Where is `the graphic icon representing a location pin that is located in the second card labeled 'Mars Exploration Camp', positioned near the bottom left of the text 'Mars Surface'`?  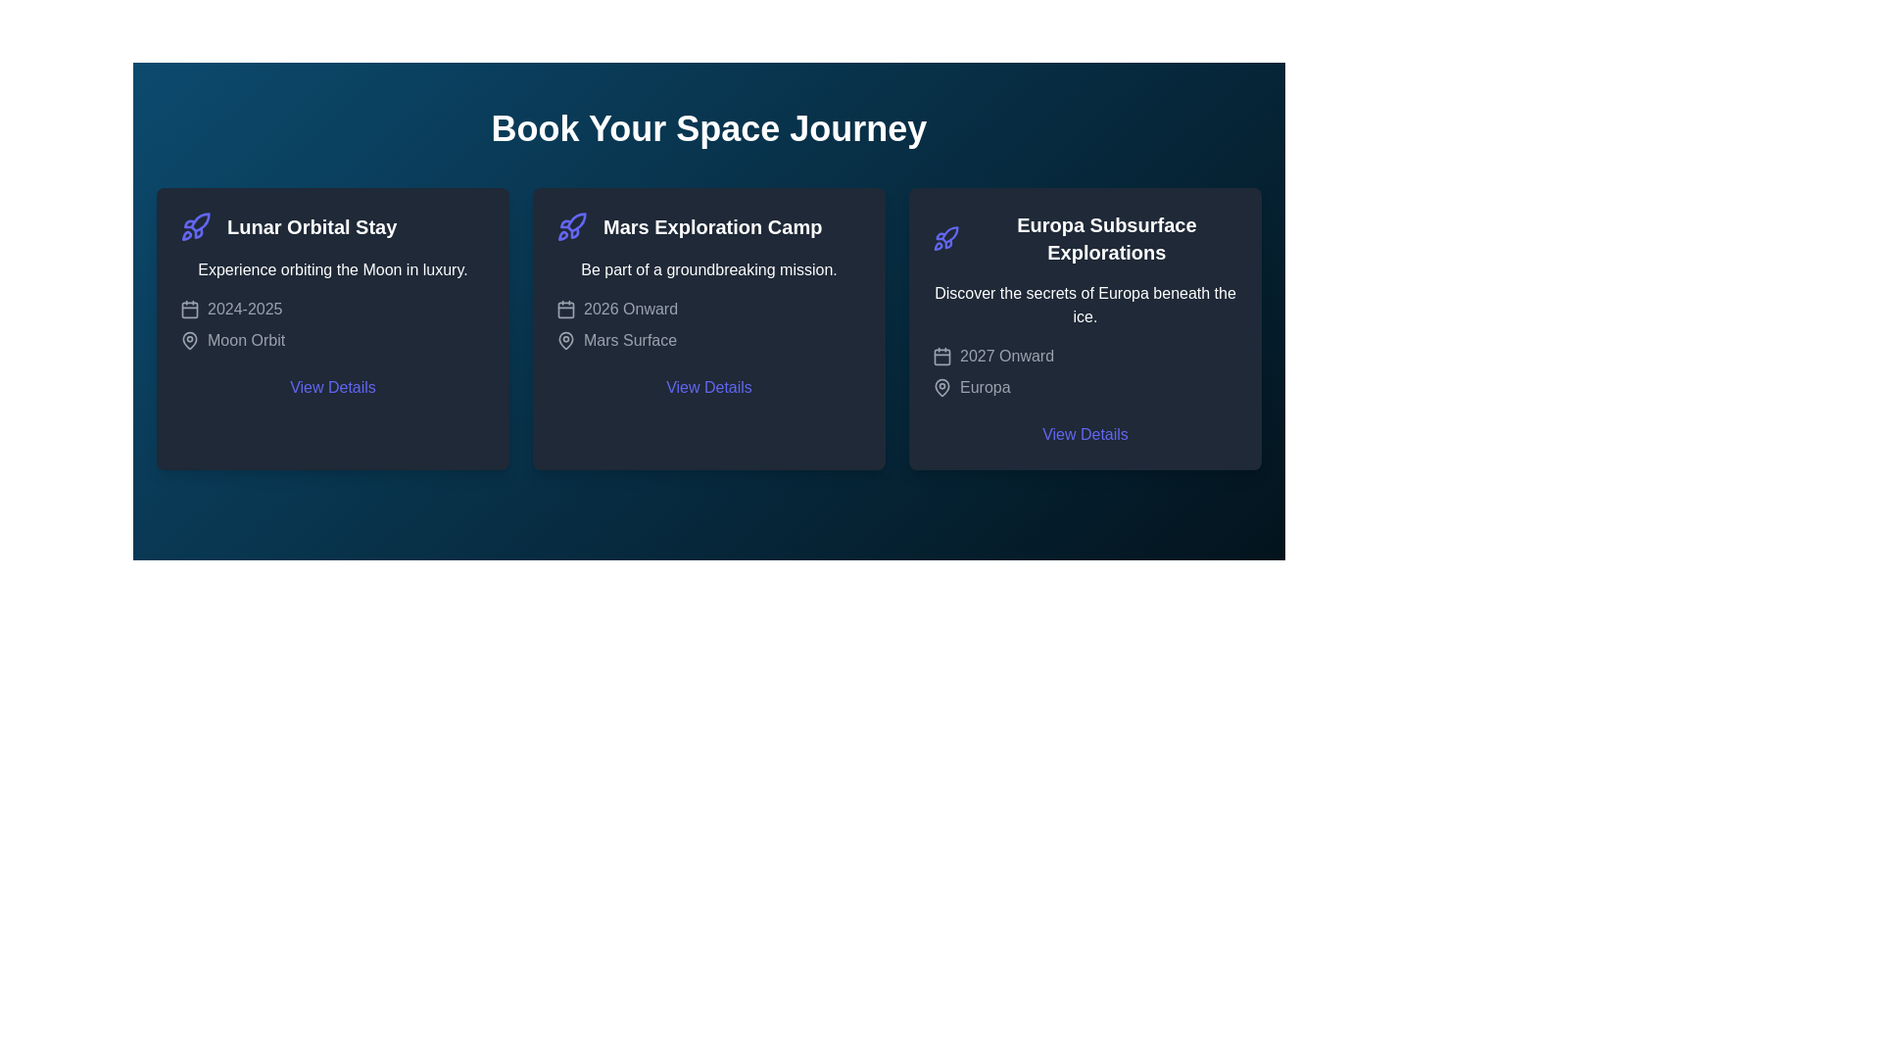 the graphic icon representing a location pin that is located in the second card labeled 'Mars Exploration Camp', positioned near the bottom left of the text 'Mars Surface' is located at coordinates (564, 339).